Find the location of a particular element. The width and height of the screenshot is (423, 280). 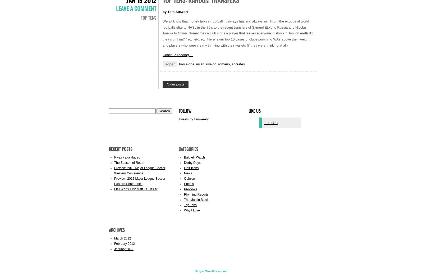

'milan' is located at coordinates (200, 64).